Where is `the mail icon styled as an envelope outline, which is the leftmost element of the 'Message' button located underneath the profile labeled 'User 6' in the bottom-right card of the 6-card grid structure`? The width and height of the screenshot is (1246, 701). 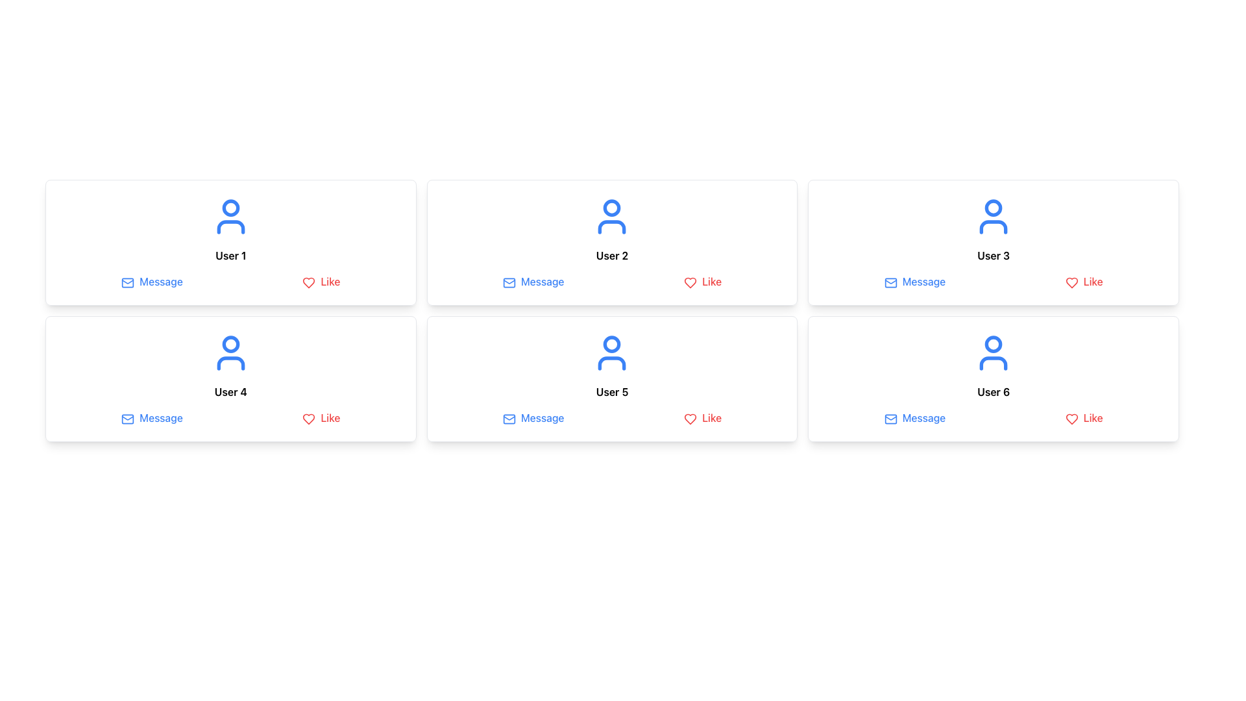 the mail icon styled as an envelope outline, which is the leftmost element of the 'Message' button located underneath the profile labeled 'User 6' in the bottom-right card of the 6-card grid structure is located at coordinates (890, 419).